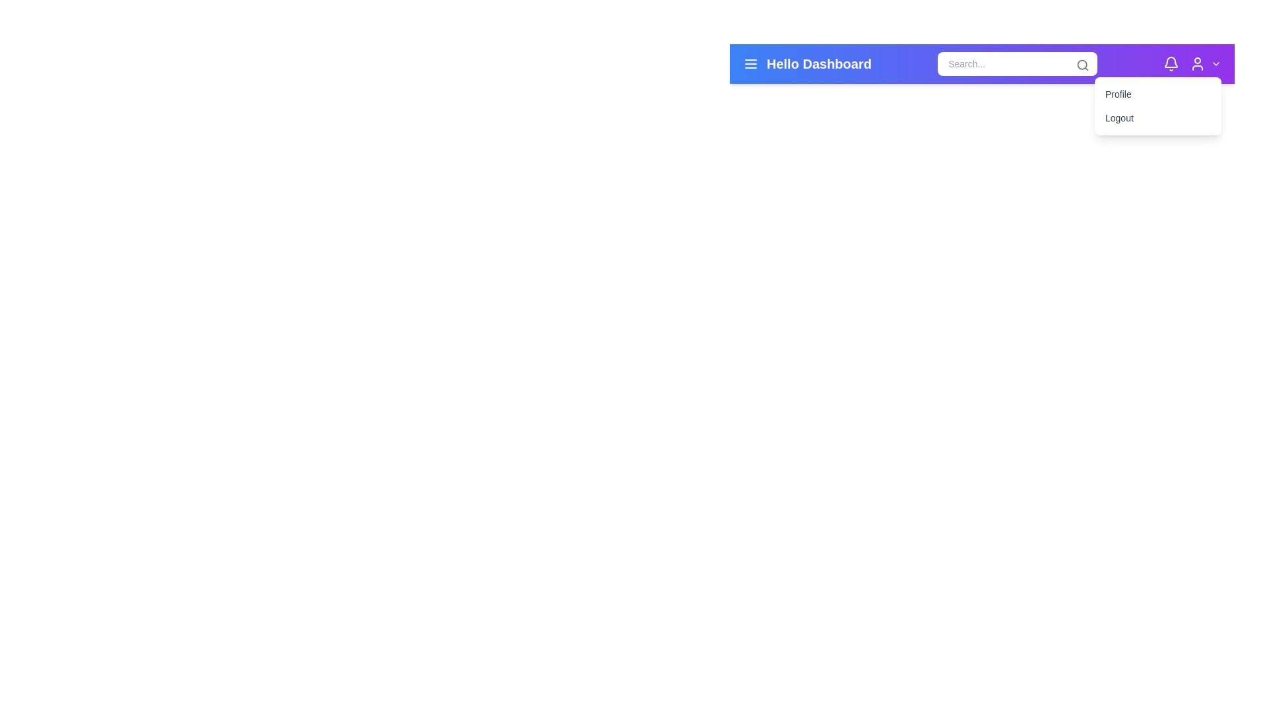 The image size is (1267, 713). I want to click on the chevron-down icon located at the far right of the horizontal navigation bar, so click(1216, 63).